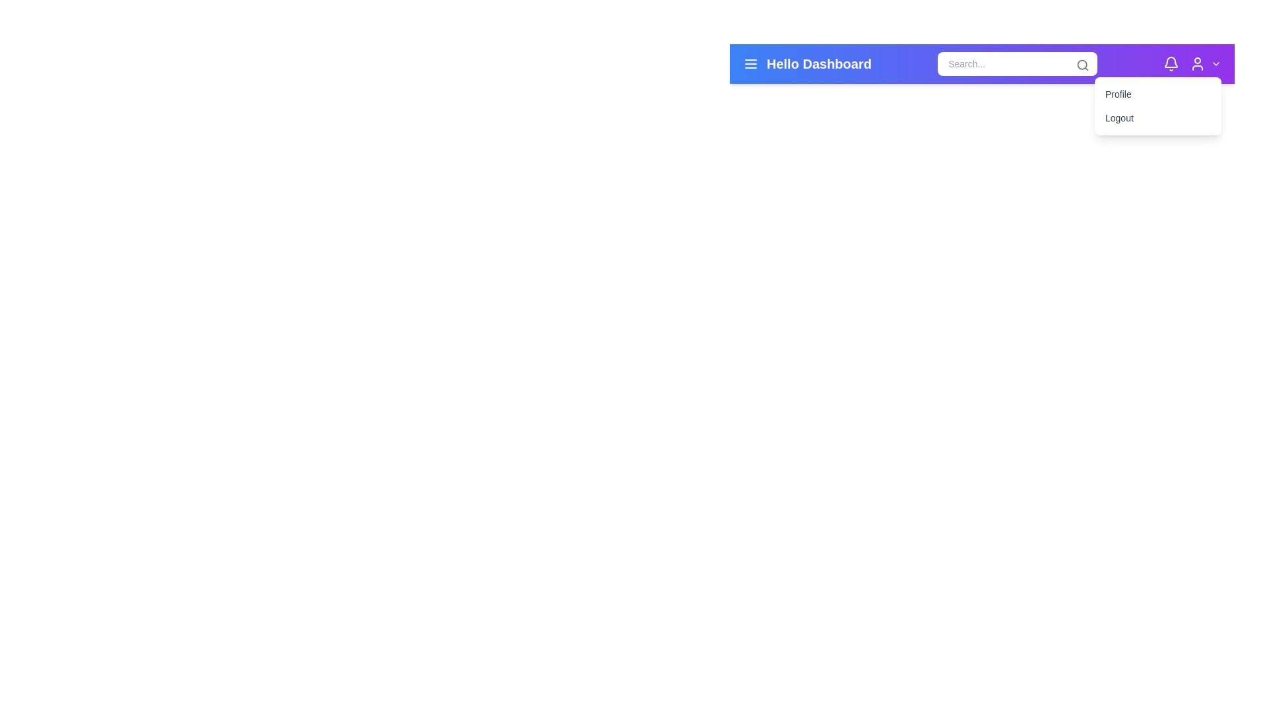 The image size is (1267, 713). I want to click on the chevron-down icon located at the far right of the horizontal navigation bar, so click(1216, 63).